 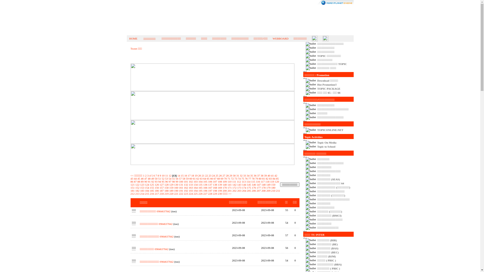 What do you see at coordinates (145, 190) in the screenshot?
I see `'184'` at bounding box center [145, 190].